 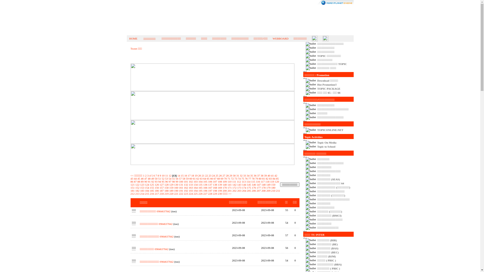 What do you see at coordinates (145, 190) in the screenshot?
I see `'184'` at bounding box center [145, 190].